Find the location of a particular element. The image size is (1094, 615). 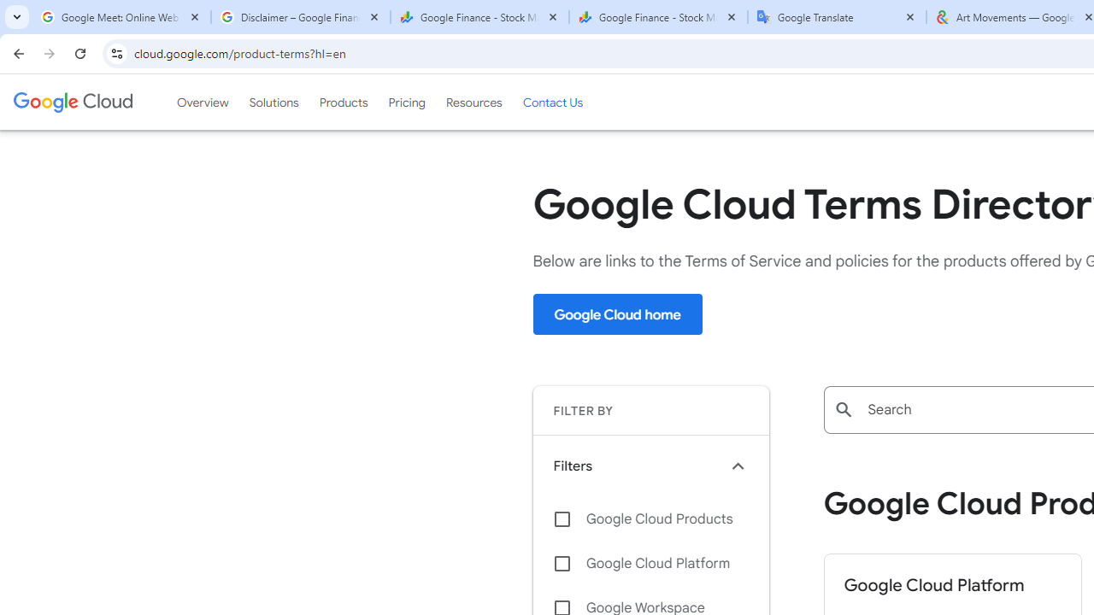

'Contact Us' is located at coordinates (553, 102).